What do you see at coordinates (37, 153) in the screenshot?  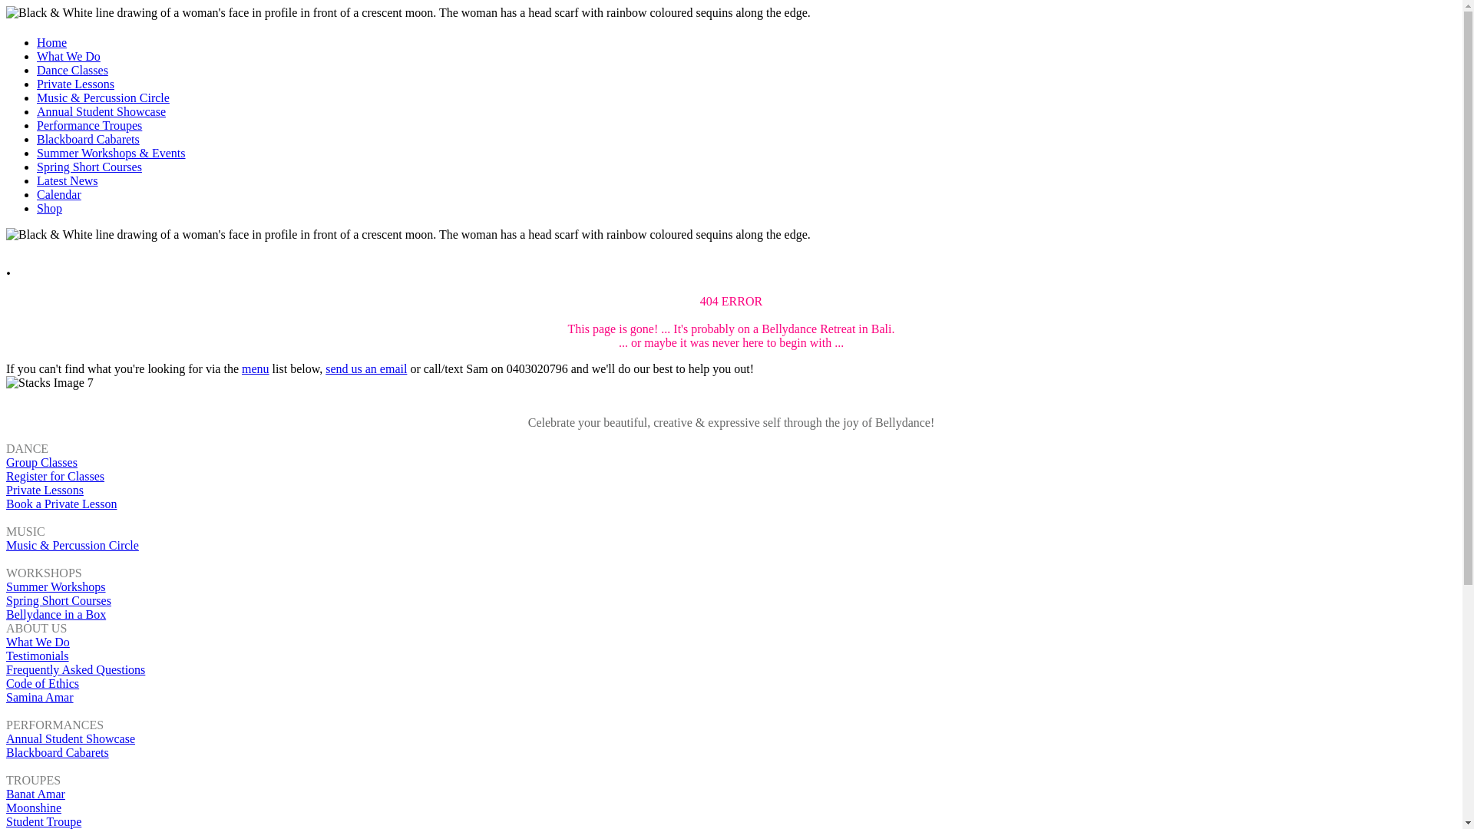 I see `'Summer Workshops & Events'` at bounding box center [37, 153].